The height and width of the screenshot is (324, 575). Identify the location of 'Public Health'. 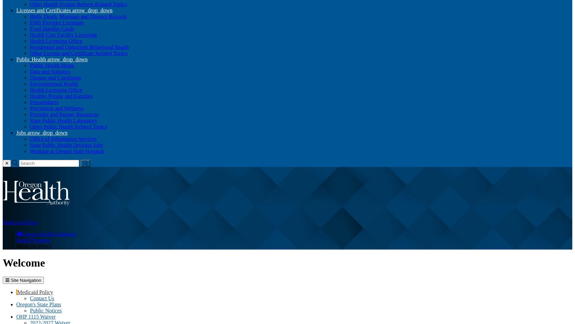
(32, 59).